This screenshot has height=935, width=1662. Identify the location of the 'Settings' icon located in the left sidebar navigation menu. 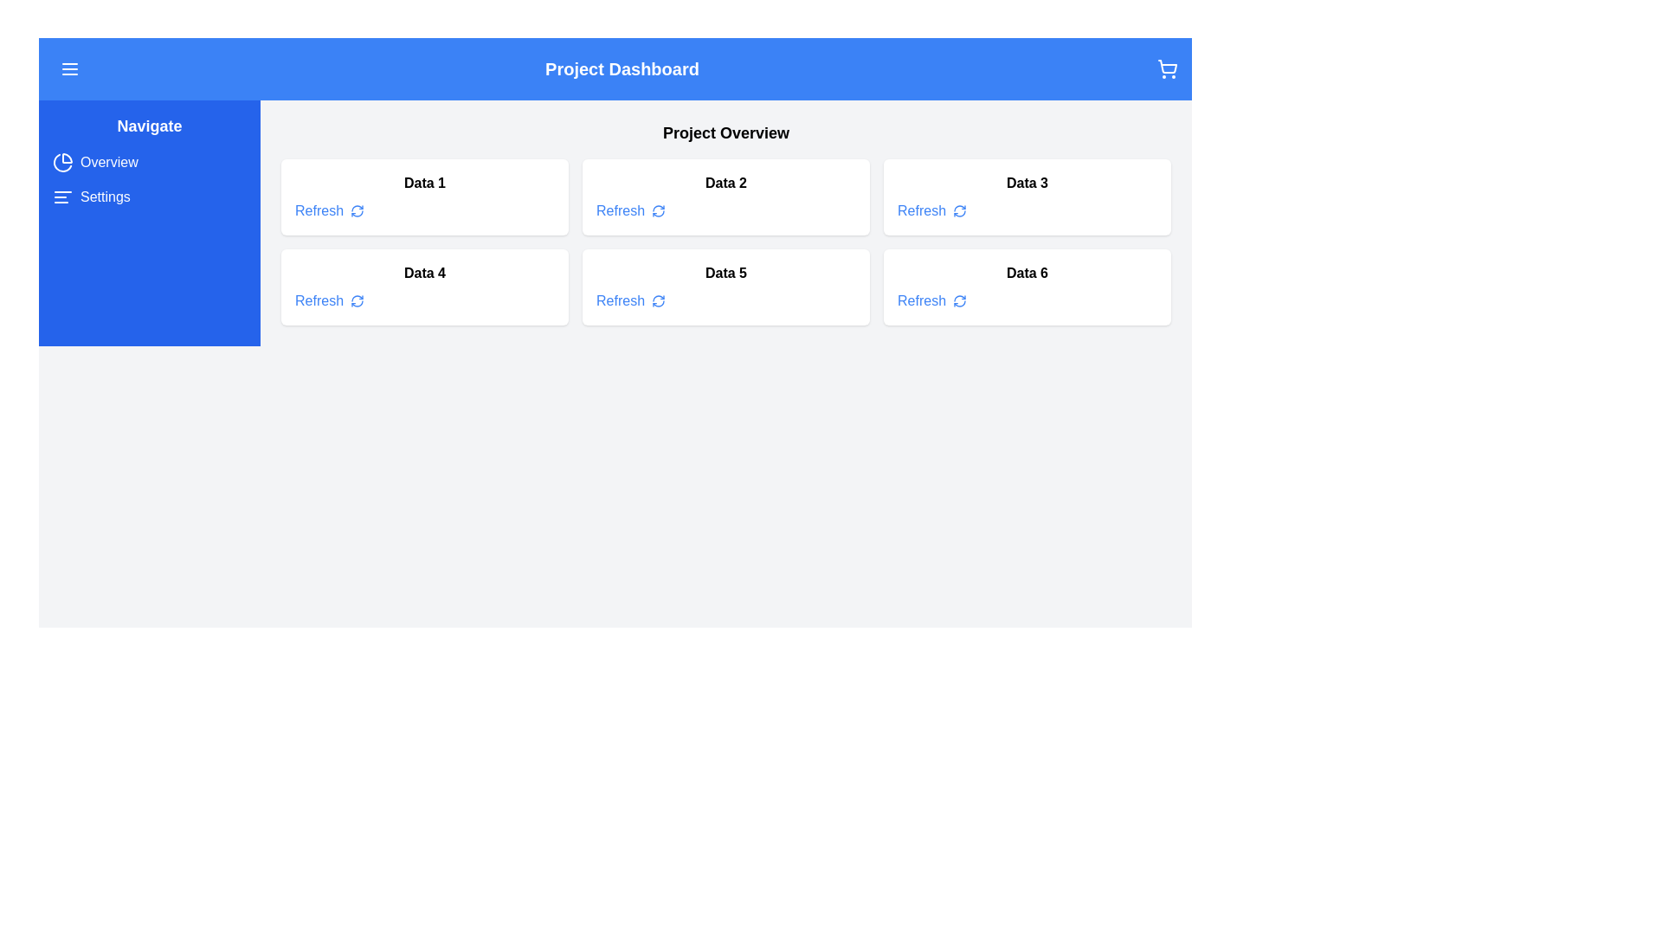
(62, 196).